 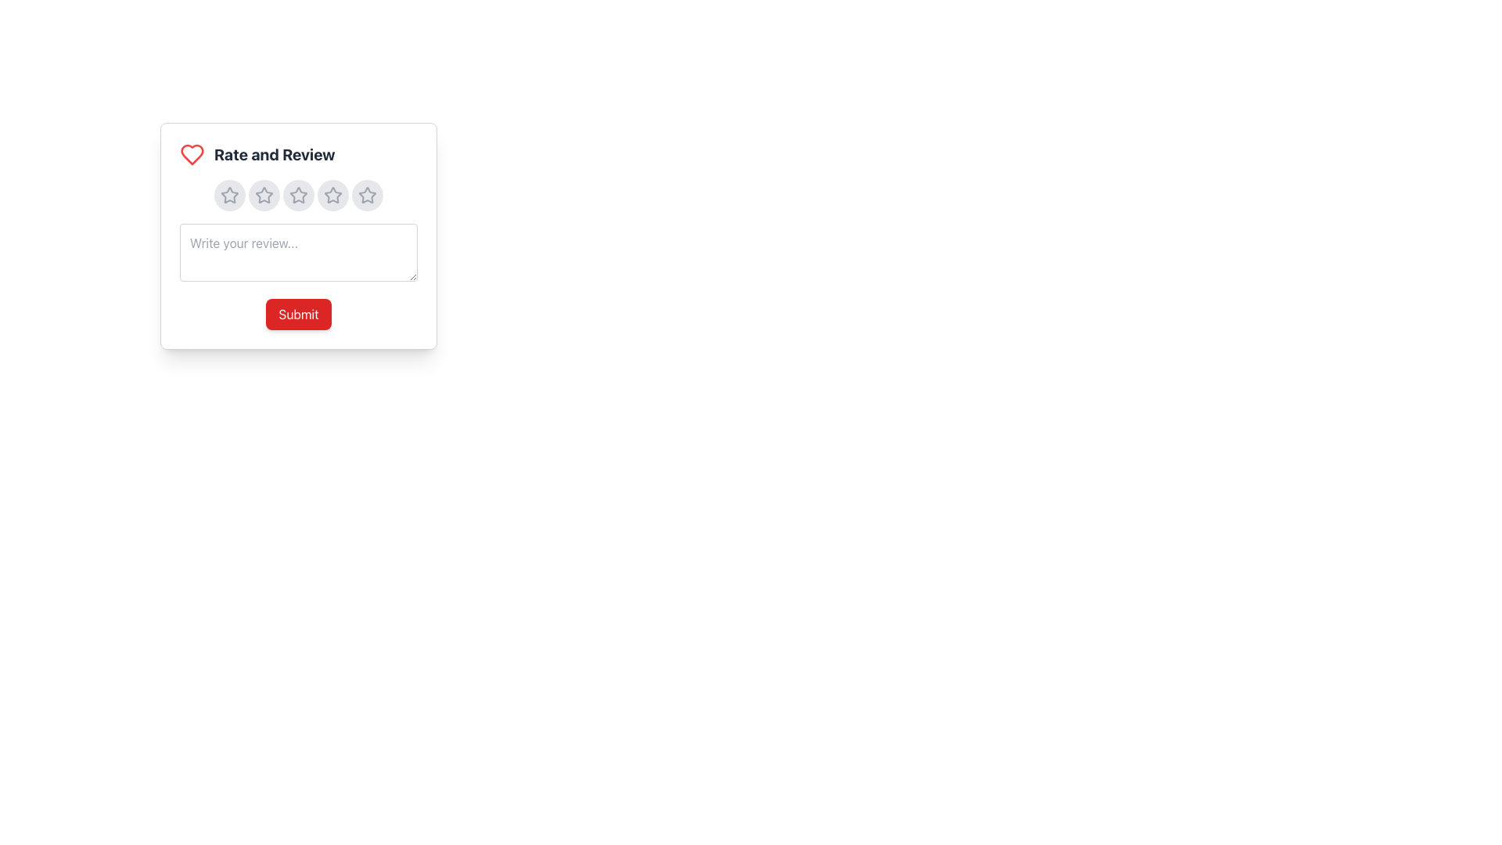 What do you see at coordinates (299, 194) in the screenshot?
I see `the third star-shaped clickable icon in the star rating system located in the 'Rate and Review' section` at bounding box center [299, 194].